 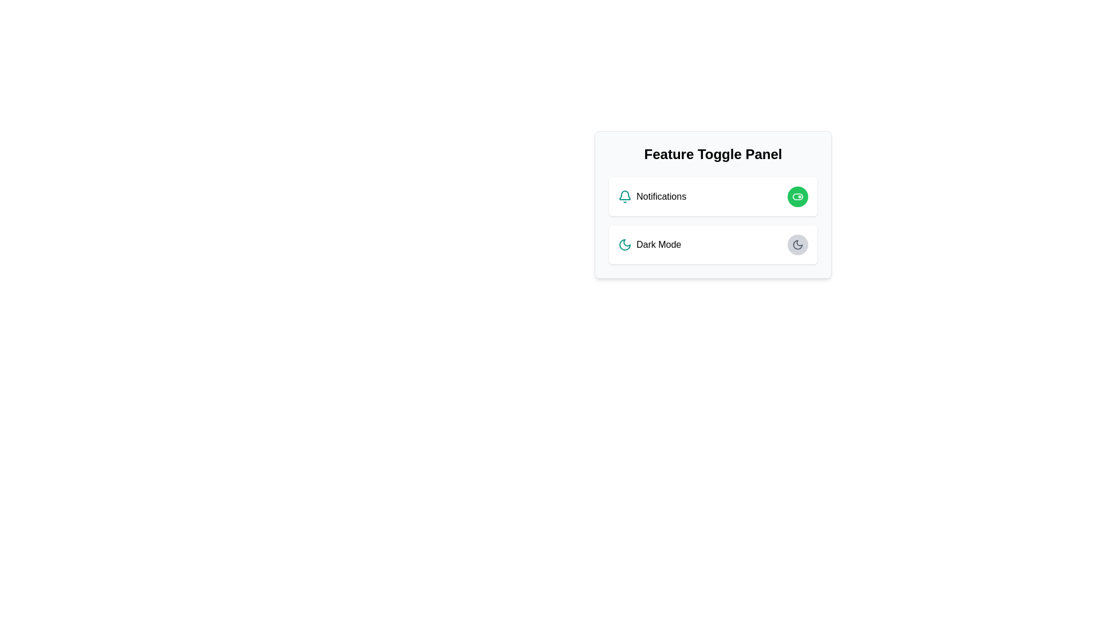 What do you see at coordinates (797, 196) in the screenshot?
I see `the toggle switch located on the right-hand side of the row labeled 'Notifications' to switch its state` at bounding box center [797, 196].